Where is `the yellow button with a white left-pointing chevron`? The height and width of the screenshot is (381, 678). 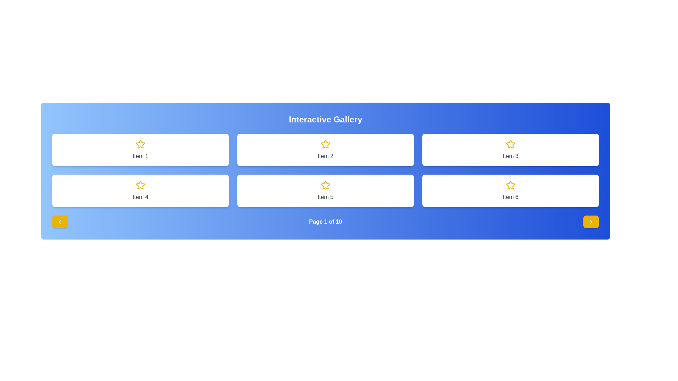 the yellow button with a white left-pointing chevron is located at coordinates (60, 221).